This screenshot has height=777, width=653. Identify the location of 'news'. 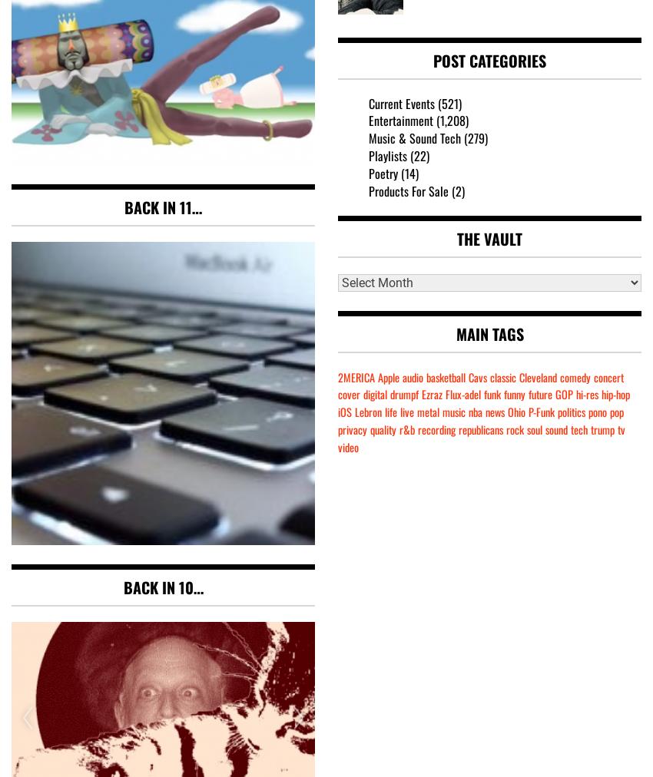
(495, 411).